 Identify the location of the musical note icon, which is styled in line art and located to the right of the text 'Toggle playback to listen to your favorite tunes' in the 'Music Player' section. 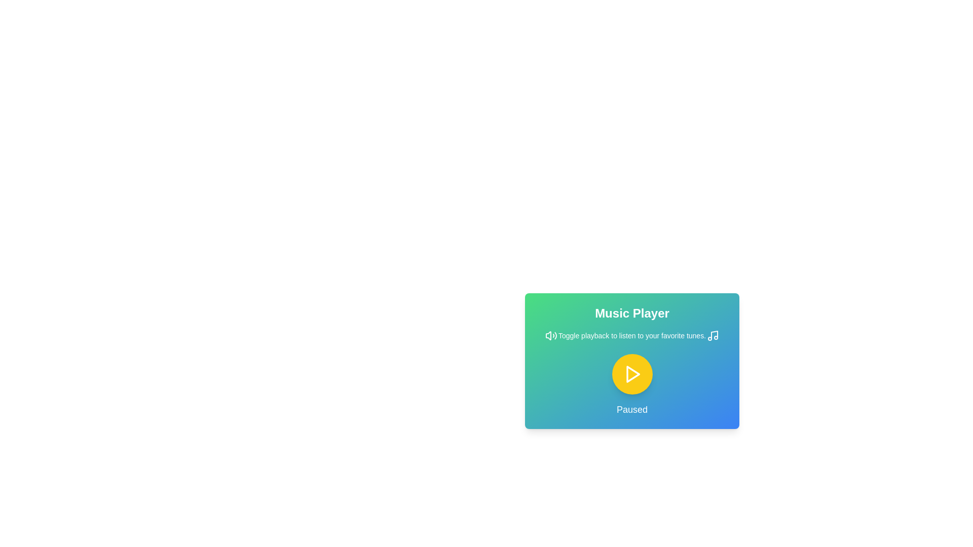
(712, 336).